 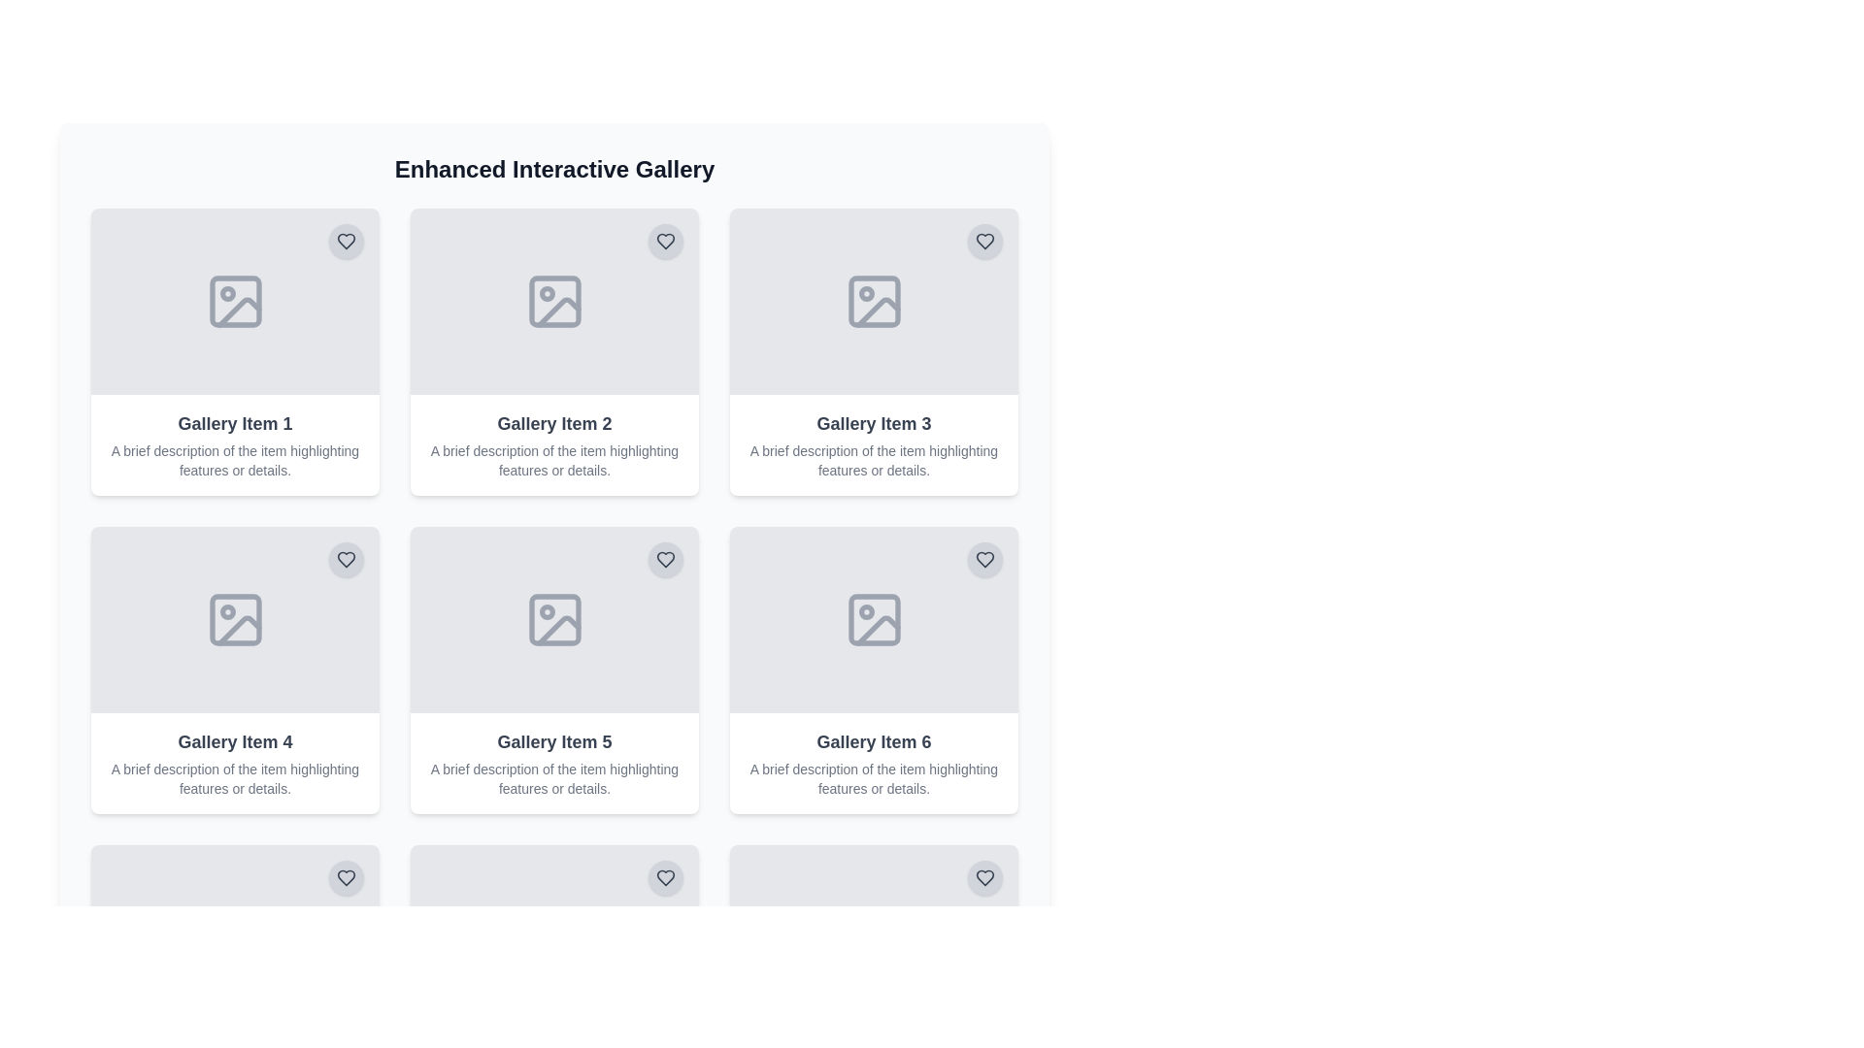 What do you see at coordinates (873, 302) in the screenshot?
I see `the decorative placeholder icon in the third gallery item of the first row of the interactive gallery` at bounding box center [873, 302].